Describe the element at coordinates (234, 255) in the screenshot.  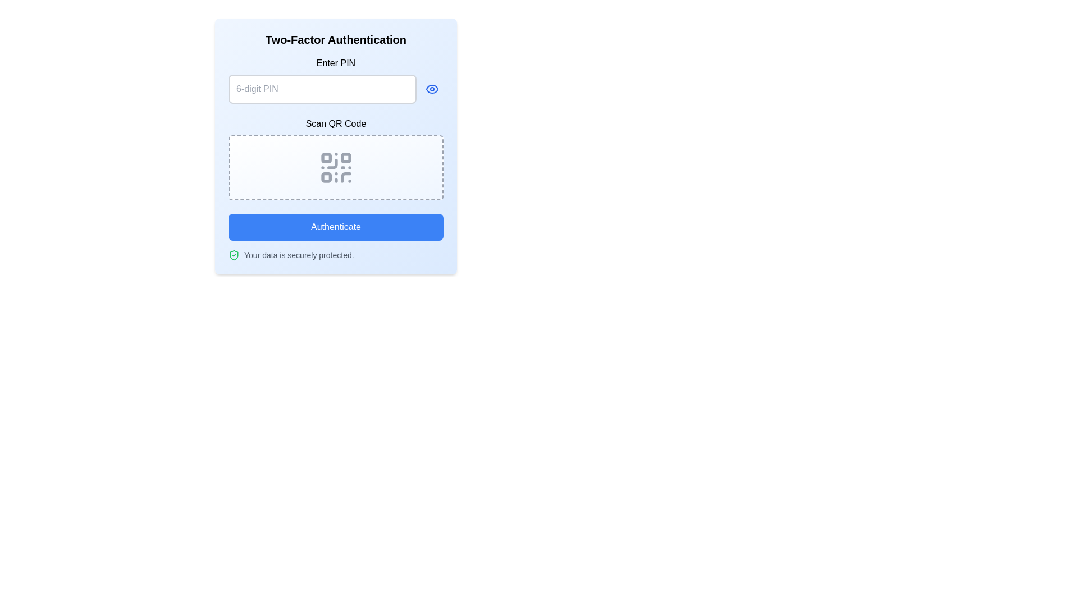
I see `the shield icon with a checkmark, which is styled in green and indicates a secure status, located to the left of the text 'Your data is securely protected.'` at that location.